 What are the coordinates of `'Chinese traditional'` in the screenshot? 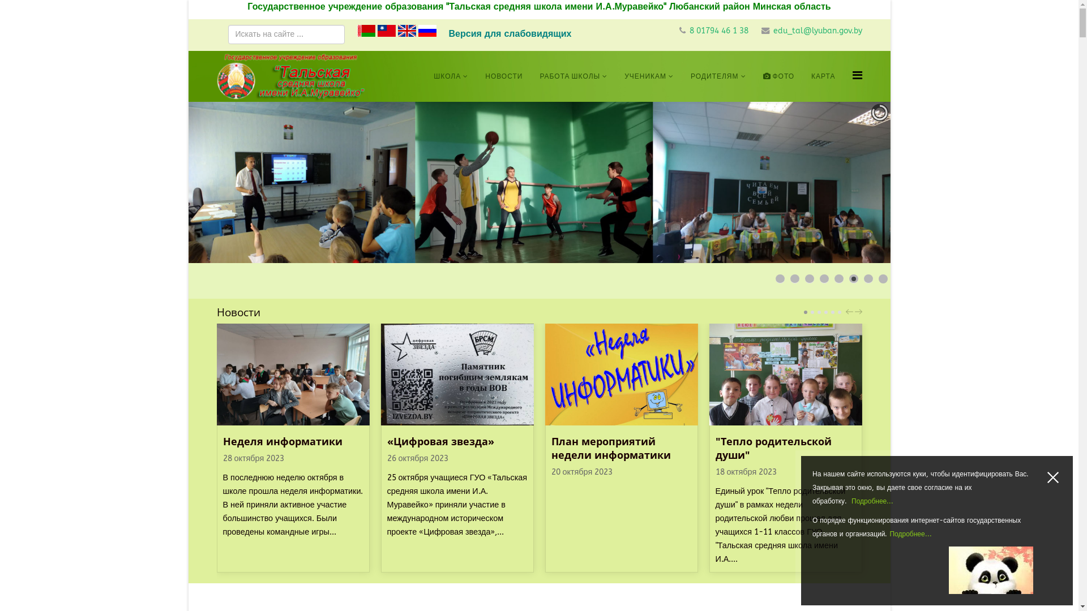 It's located at (386, 30).